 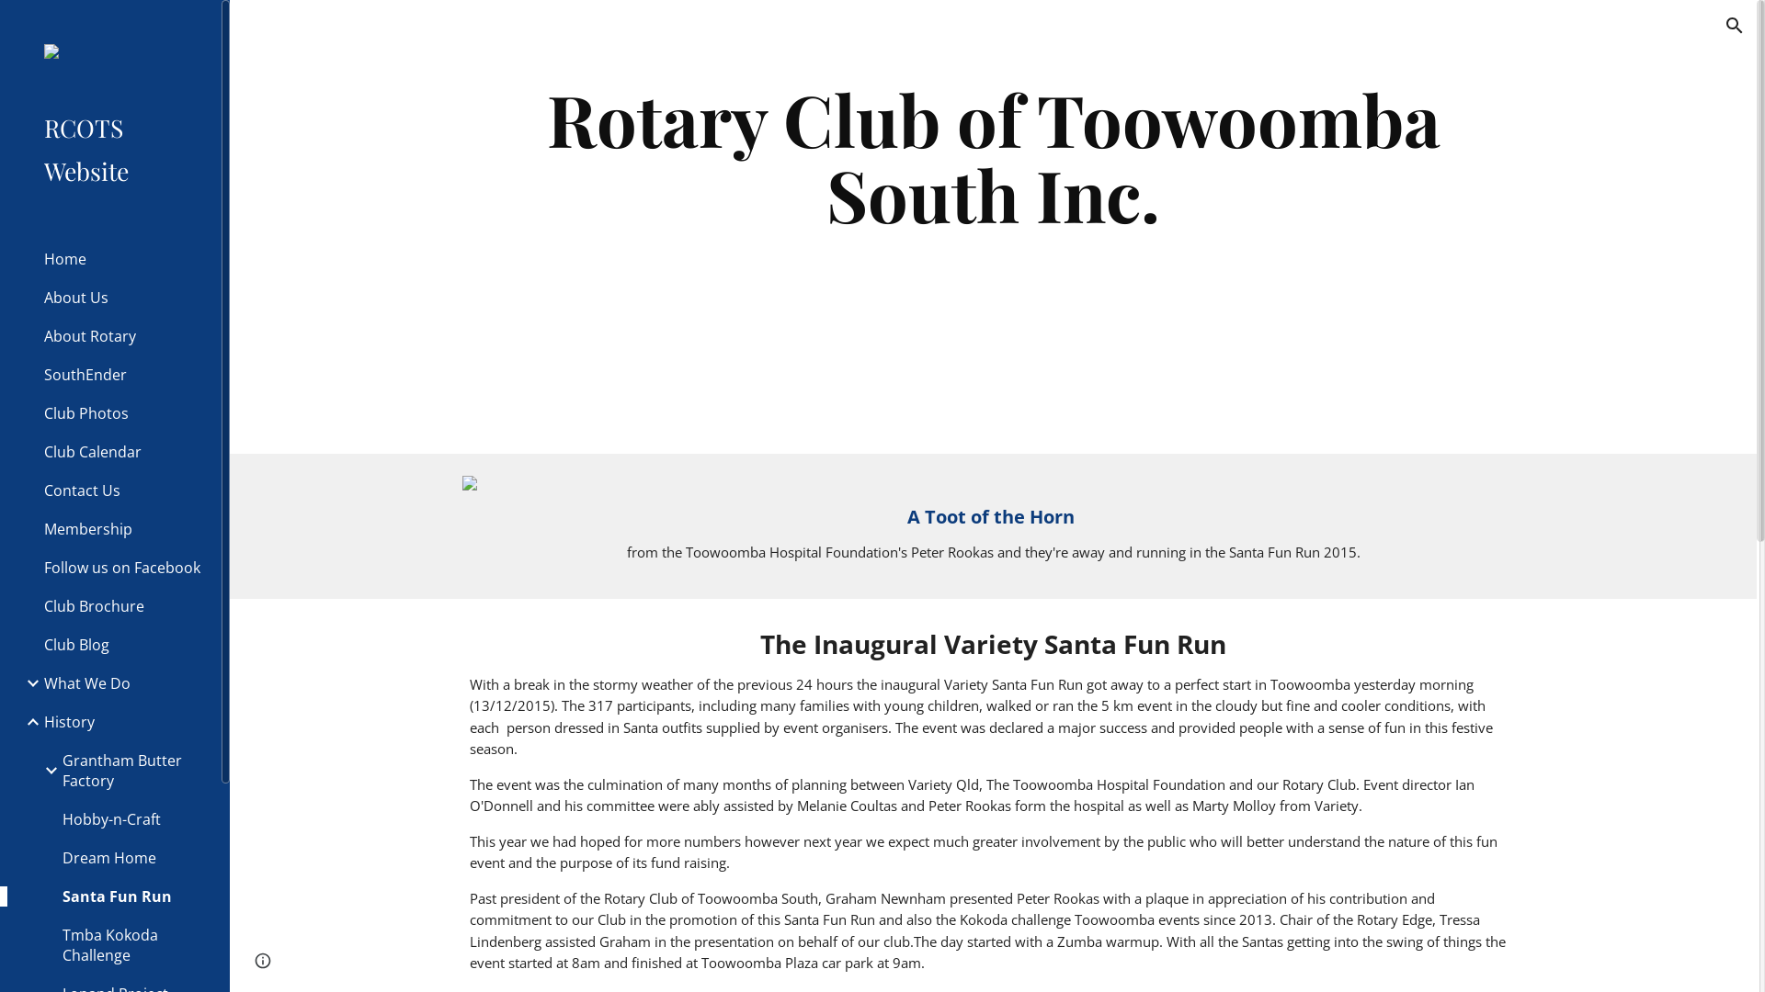 I want to click on 'Club Brochure', so click(x=124, y=605).